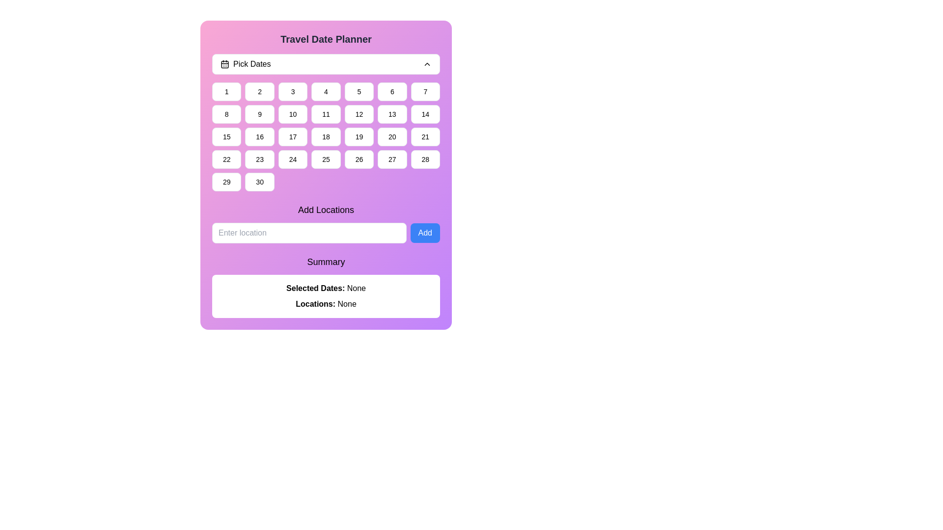 The width and height of the screenshot is (943, 530). Describe the element at coordinates (224, 64) in the screenshot. I see `the small calendar icon with a black outline located to the left of the text 'Pick Dates' to interact with it` at that location.